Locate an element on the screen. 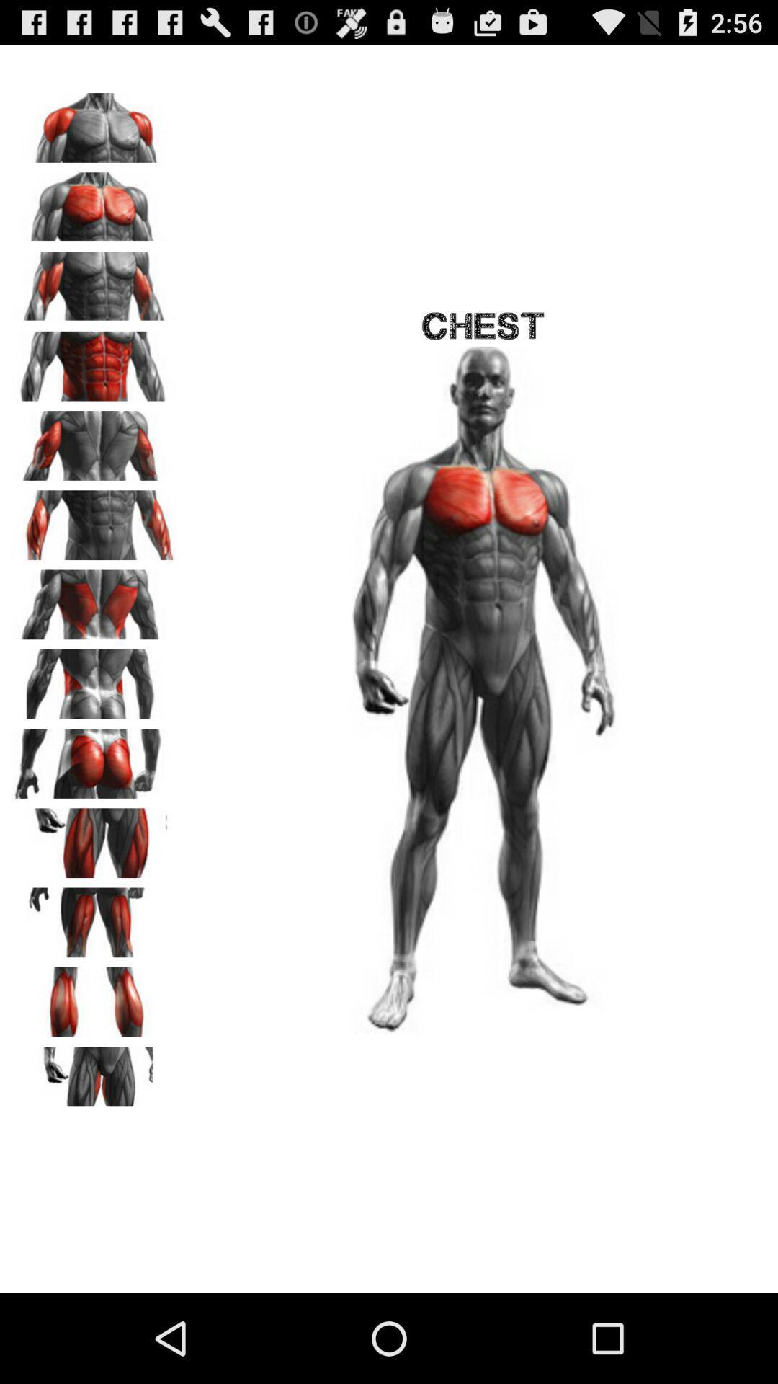  the font icon is located at coordinates (94, 981).